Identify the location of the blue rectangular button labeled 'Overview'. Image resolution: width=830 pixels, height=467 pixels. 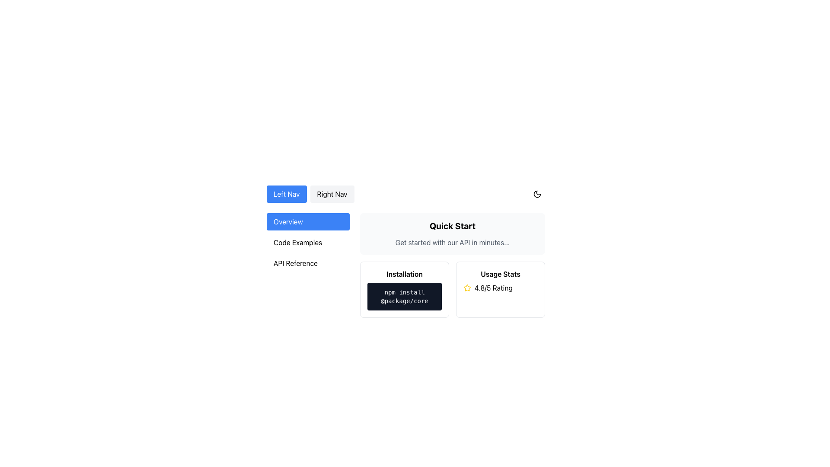
(308, 221).